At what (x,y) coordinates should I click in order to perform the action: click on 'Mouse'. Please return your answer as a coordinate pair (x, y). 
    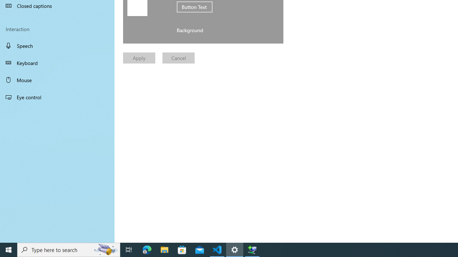
    Looking at the image, I should click on (57, 80).